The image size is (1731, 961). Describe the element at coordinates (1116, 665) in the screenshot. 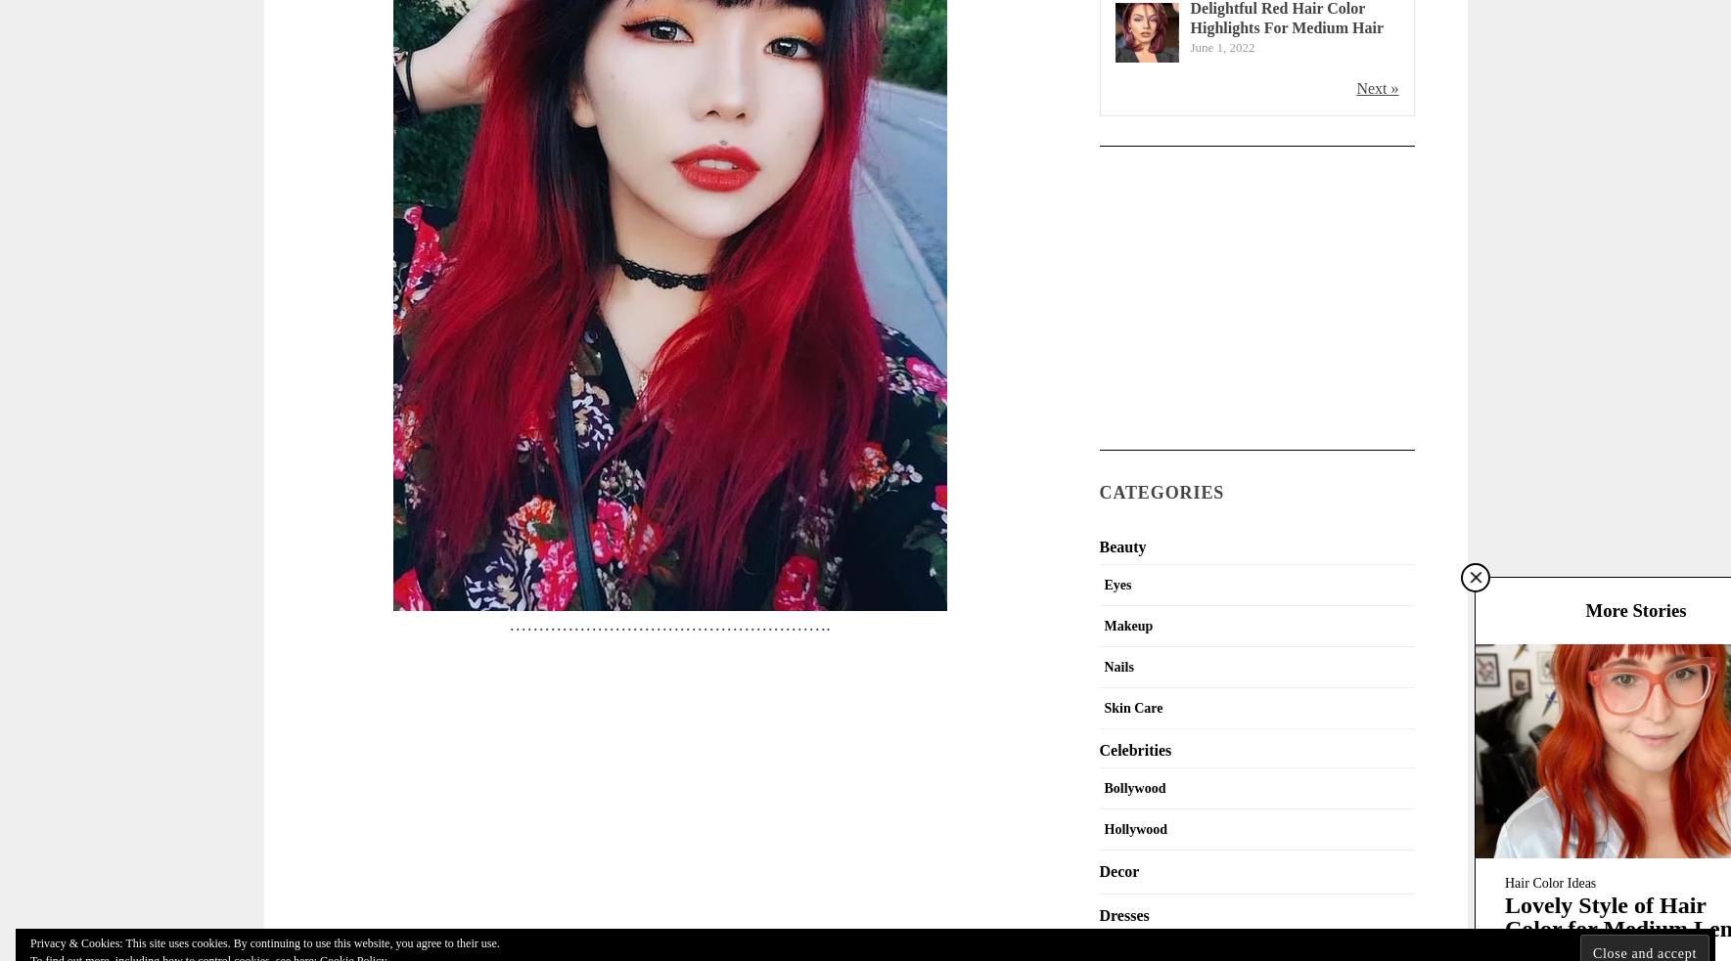

I see `'Nails'` at that location.